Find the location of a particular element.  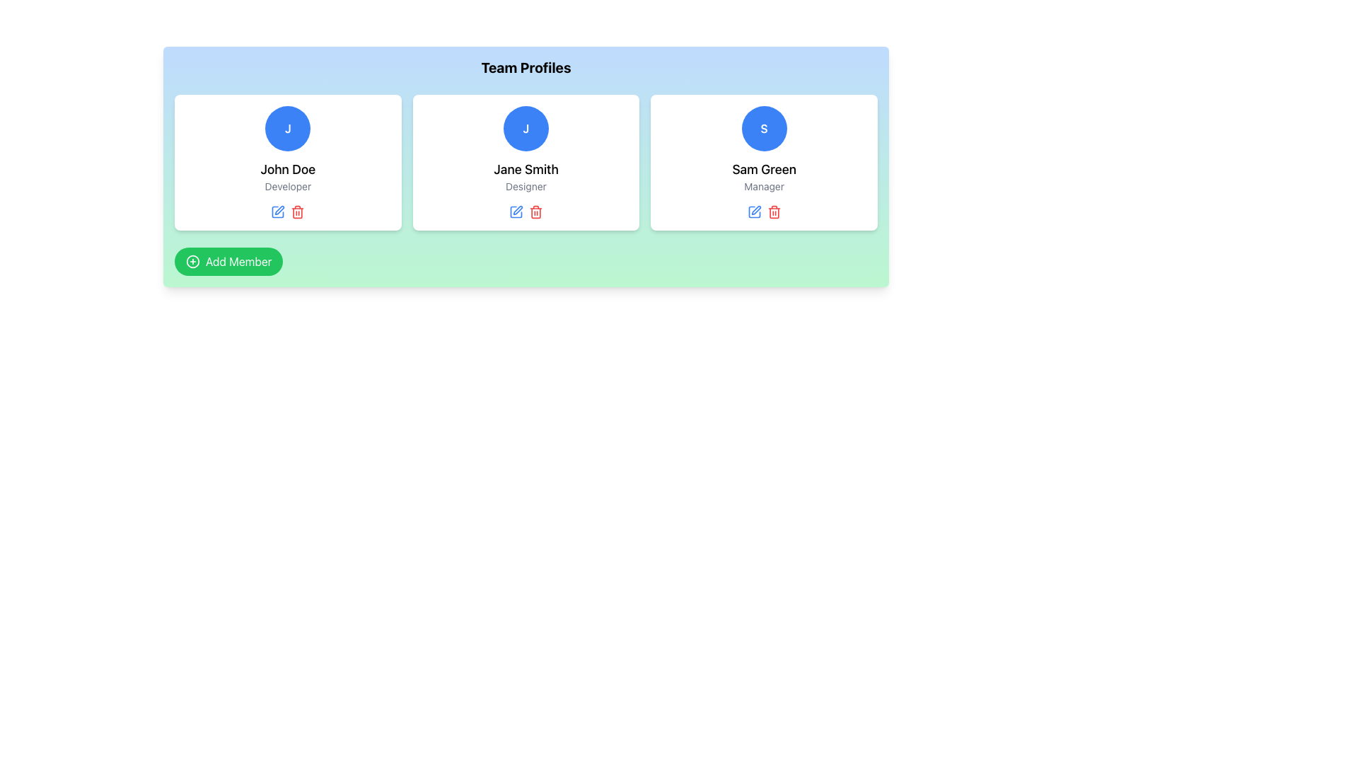

the Avatar representing the user at the top center of the card labeled 'John Doe - Developer' in the 'Team Profiles' section is located at coordinates (287, 128).